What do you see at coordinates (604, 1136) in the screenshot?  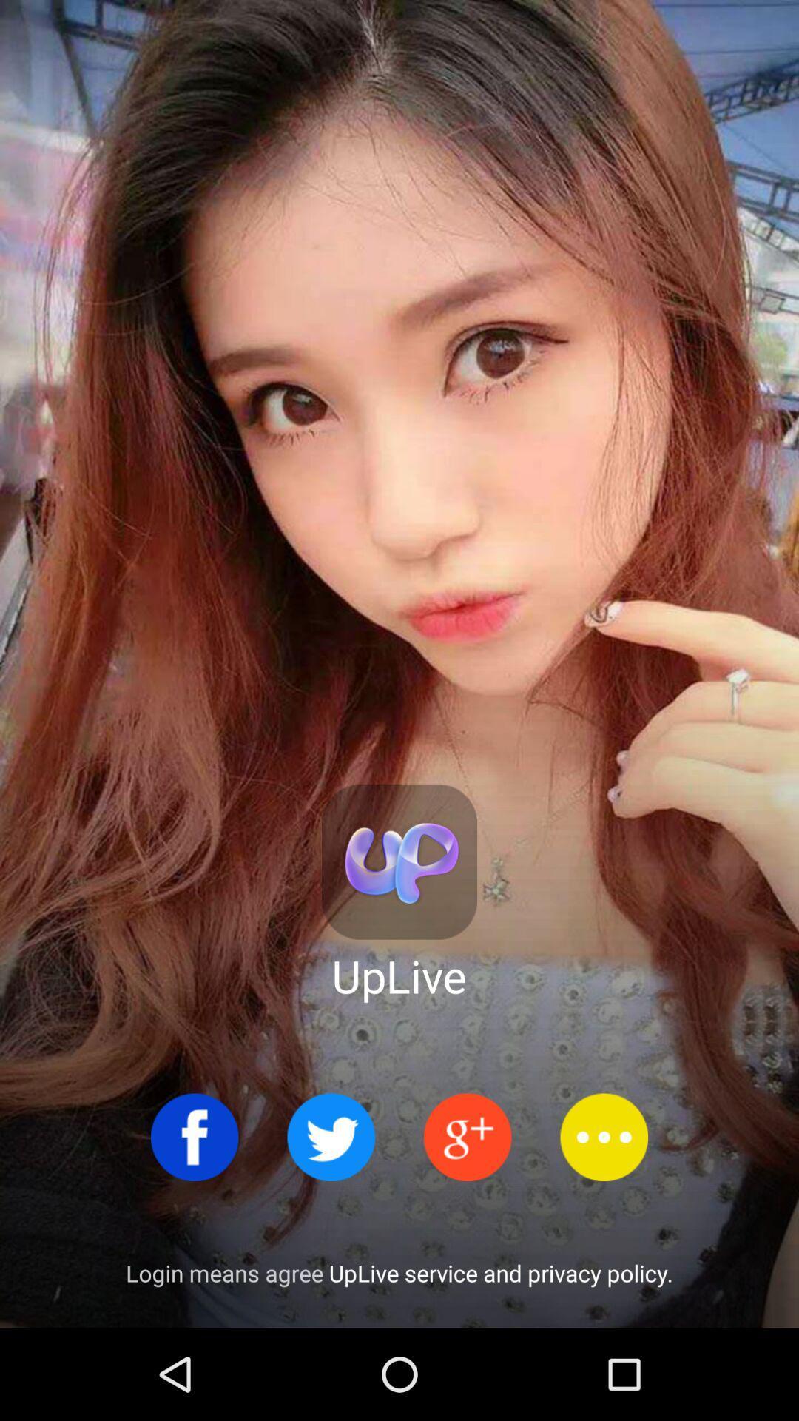 I see `the more icon` at bounding box center [604, 1136].